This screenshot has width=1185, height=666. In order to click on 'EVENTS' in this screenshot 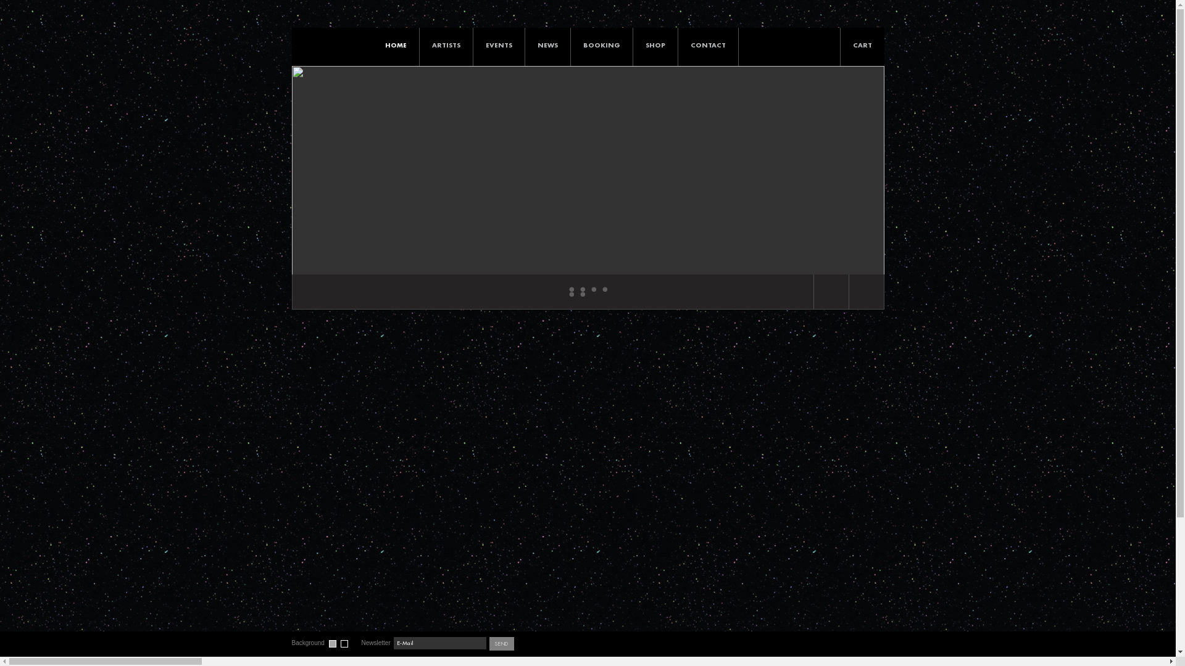, I will do `click(498, 44)`.